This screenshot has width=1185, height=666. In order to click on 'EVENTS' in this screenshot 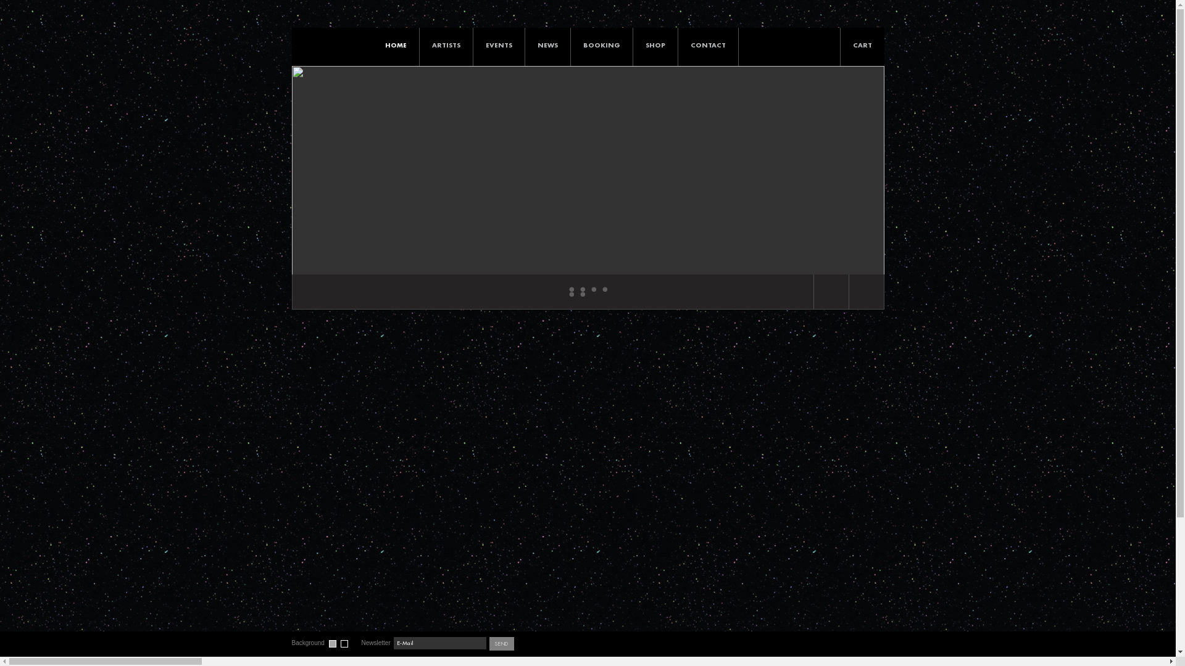, I will do `click(498, 44)`.